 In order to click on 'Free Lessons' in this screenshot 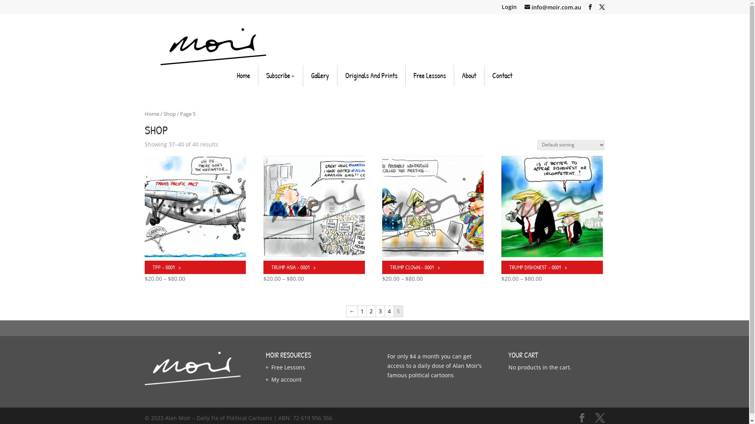, I will do `click(288, 367)`.